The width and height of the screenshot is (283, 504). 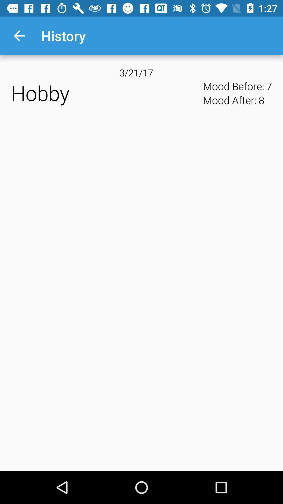 I want to click on 7 item, so click(x=269, y=86).